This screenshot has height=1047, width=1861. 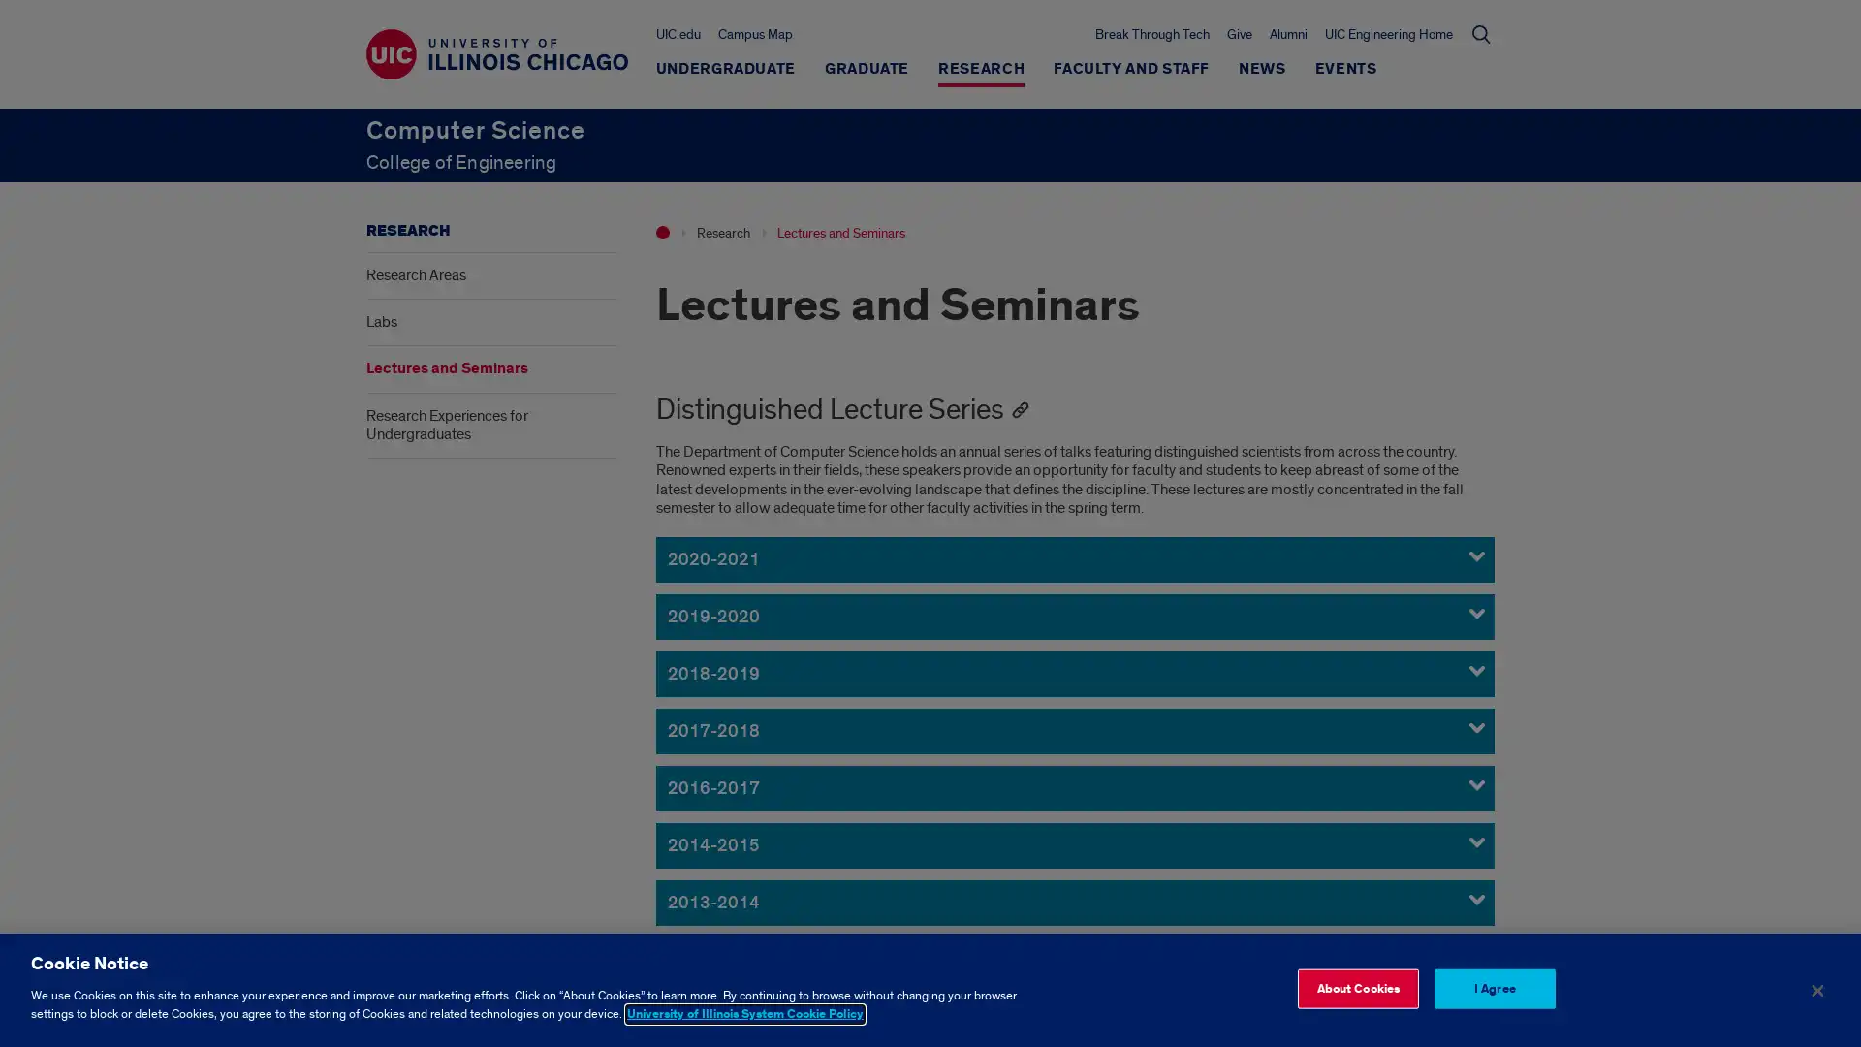 I want to click on 2012-2013, so click(x=1073, y=958).